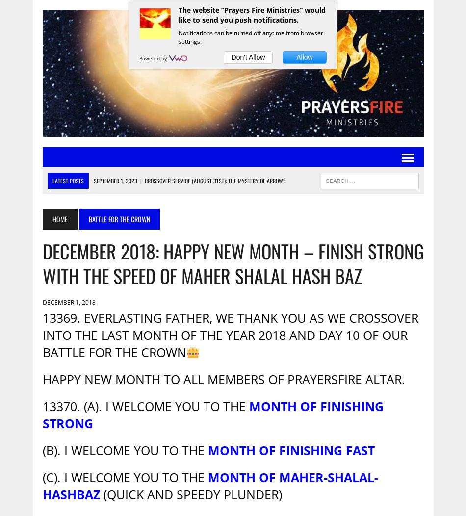  What do you see at coordinates (68, 180) in the screenshot?
I see `'Latest Posts'` at bounding box center [68, 180].